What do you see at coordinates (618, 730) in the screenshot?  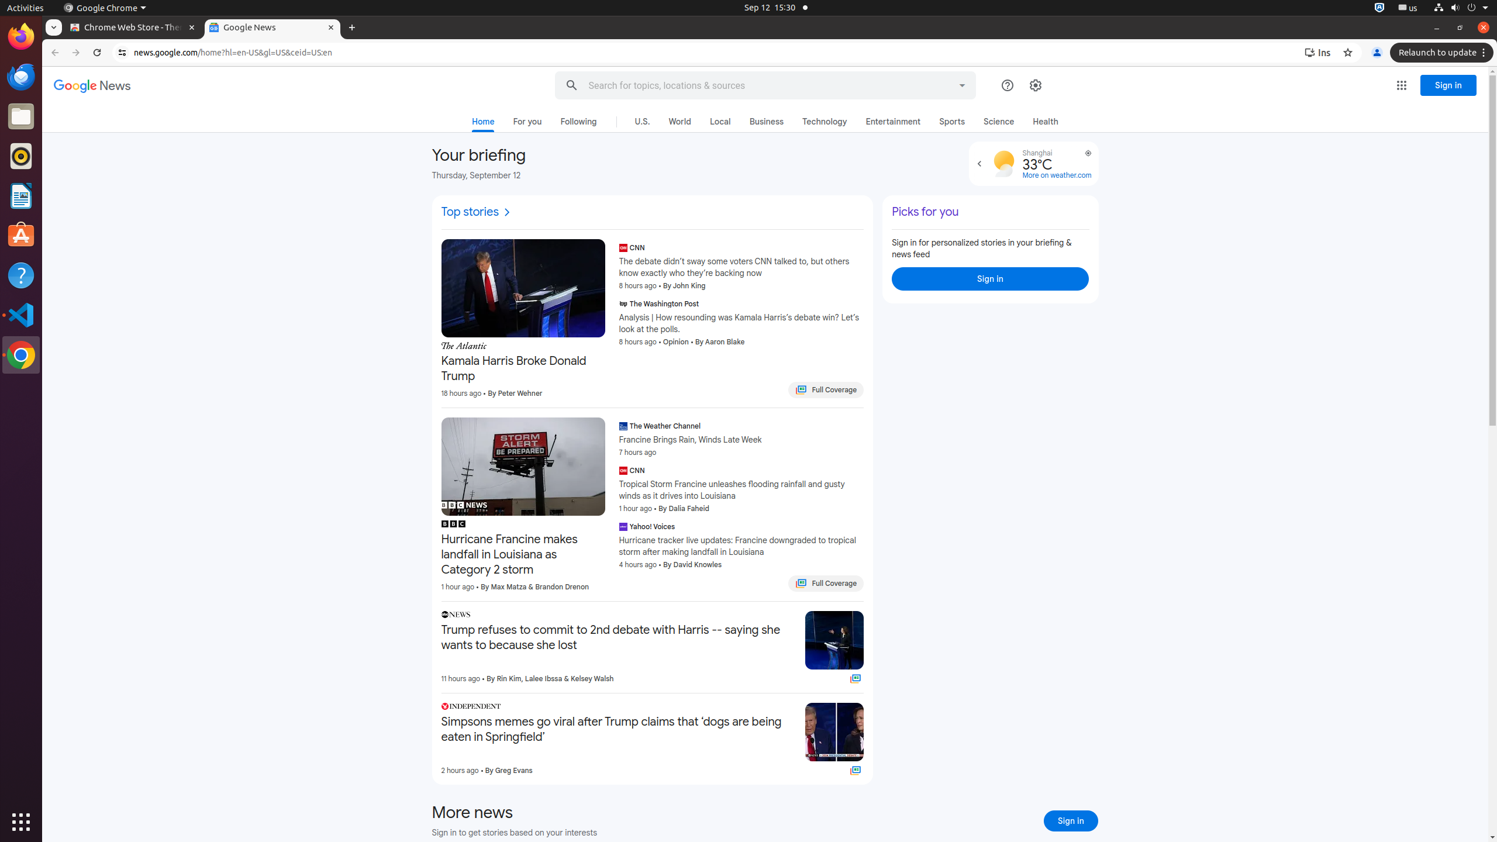 I see `'Simpsons memes go viral after Trump claims that ‘dogs are being eaten in Springfield’'` at bounding box center [618, 730].